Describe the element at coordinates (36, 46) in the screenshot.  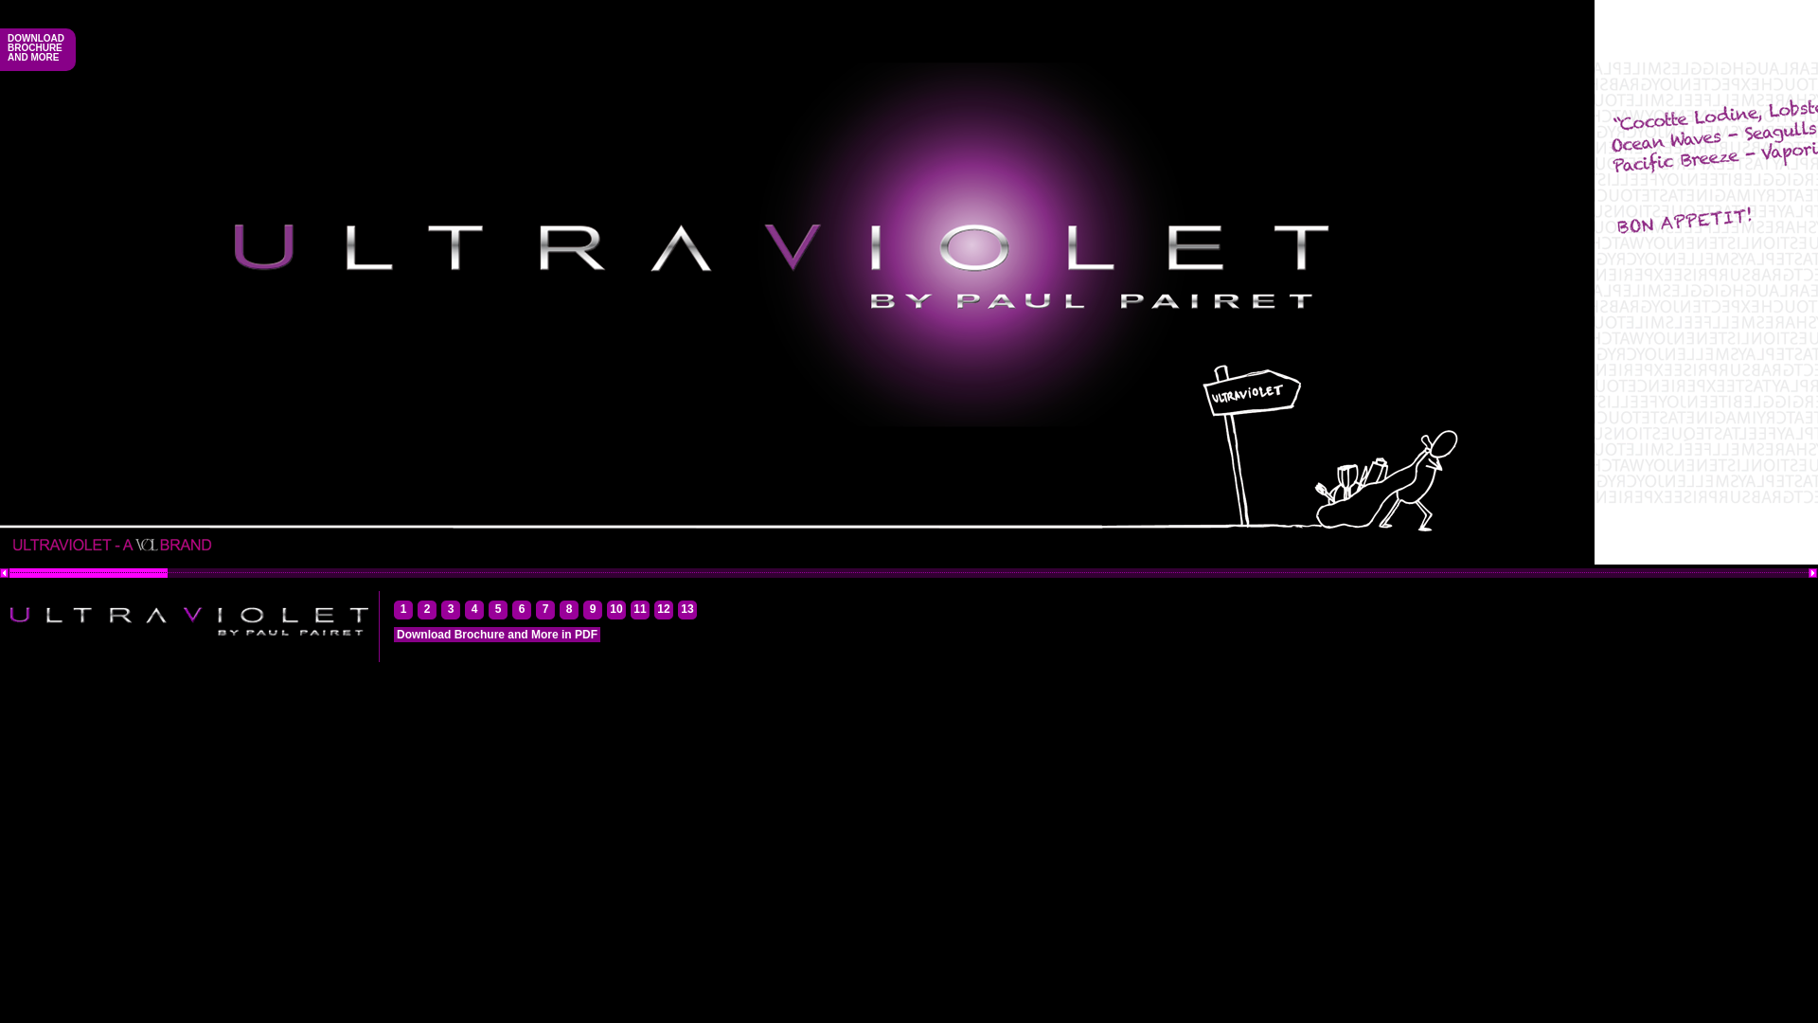
I see `'DOWNLOAD BROCHURE` at that location.